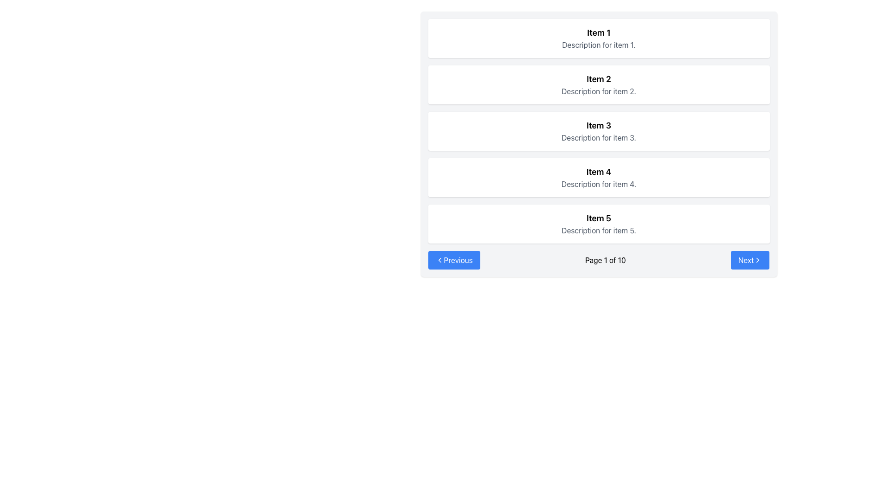 The width and height of the screenshot is (891, 501). I want to click on the text label displaying 'Item 2' from its current position, so click(599, 78).